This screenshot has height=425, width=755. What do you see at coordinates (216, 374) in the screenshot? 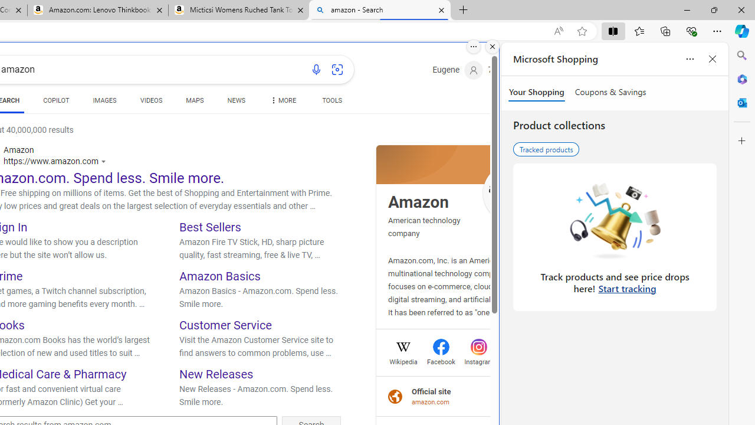
I see `'New Releases'` at bounding box center [216, 374].